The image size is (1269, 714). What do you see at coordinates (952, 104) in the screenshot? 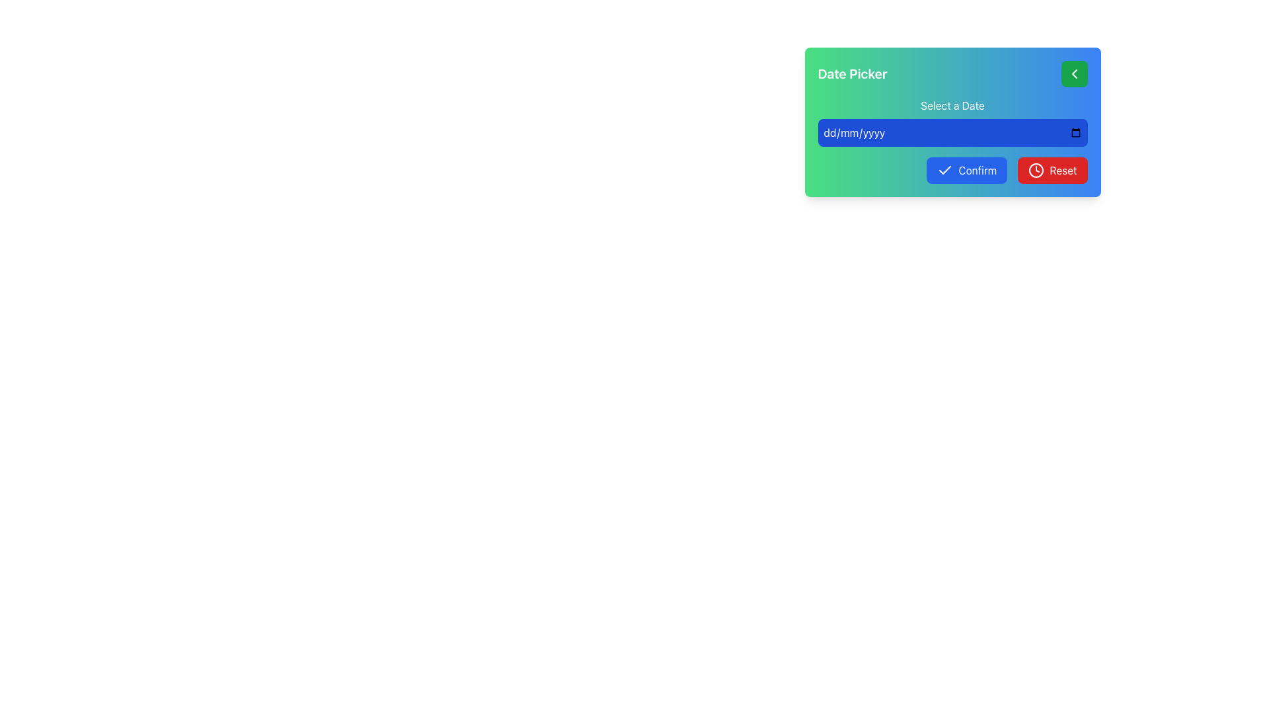
I see `the label that provides context for the date input field, located centrally at the top section of the interface` at bounding box center [952, 104].